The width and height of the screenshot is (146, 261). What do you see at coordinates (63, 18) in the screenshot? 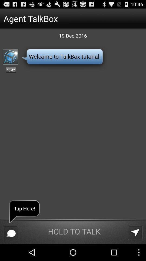
I see `the agent talkbox item` at bounding box center [63, 18].